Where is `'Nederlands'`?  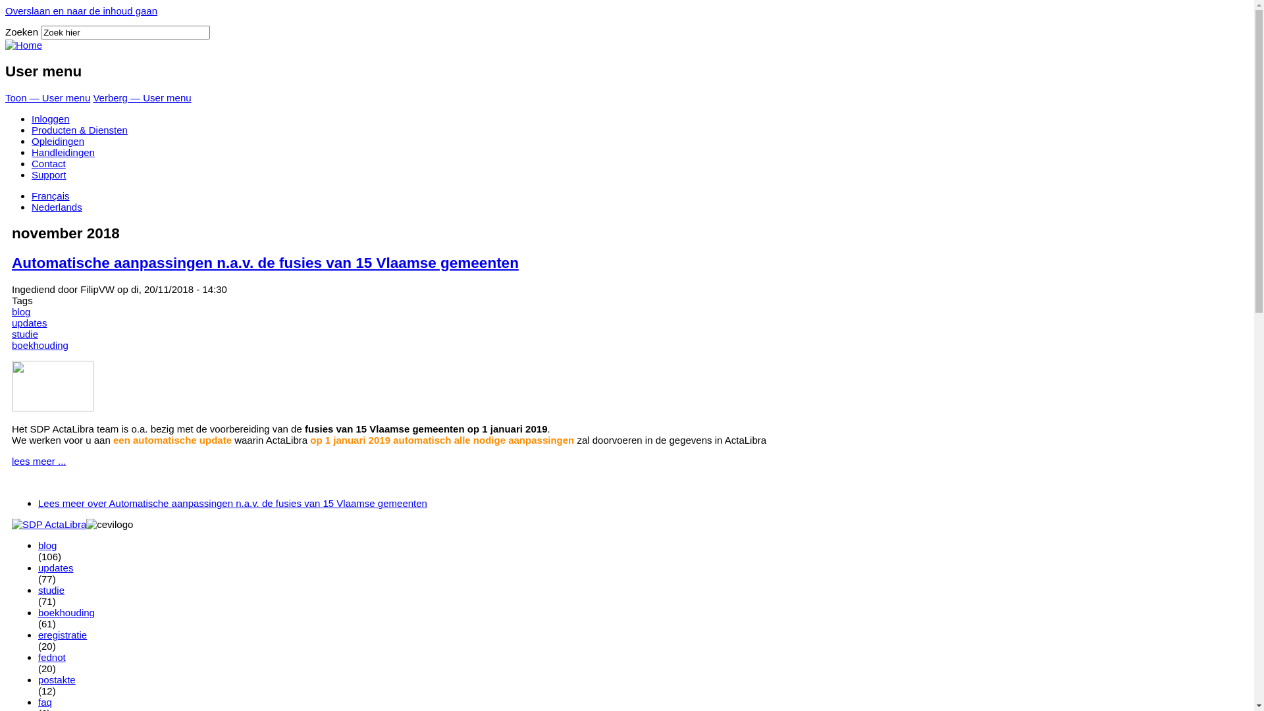
'Nederlands' is located at coordinates (56, 207).